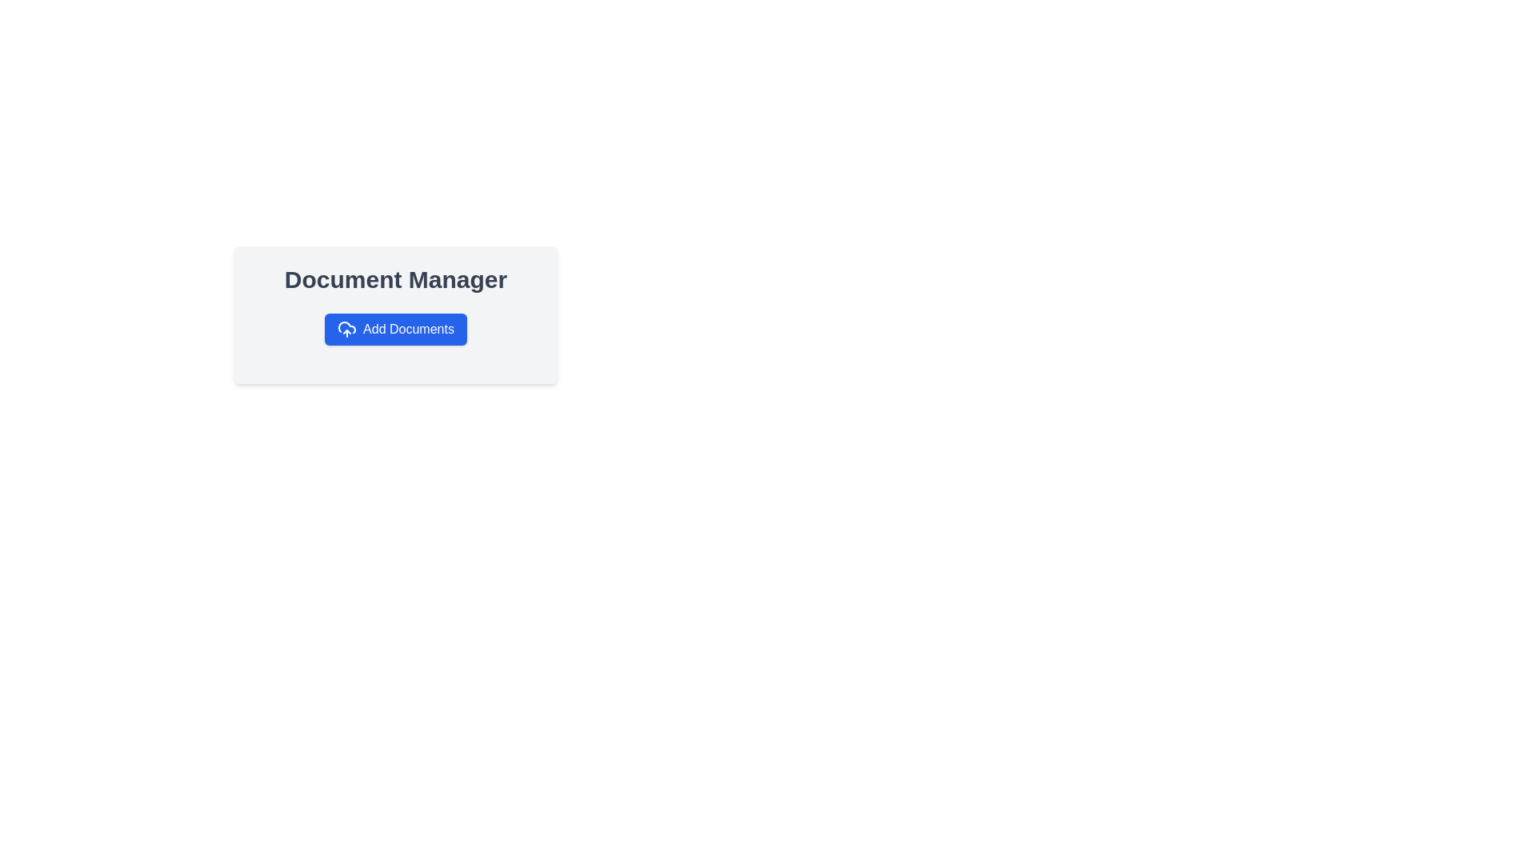 This screenshot has width=1536, height=864. Describe the element at coordinates (346, 329) in the screenshot. I see `the cloud-shaped icon with an upward-pointing arrow located on the left side of the 'Add Documents' button` at that location.